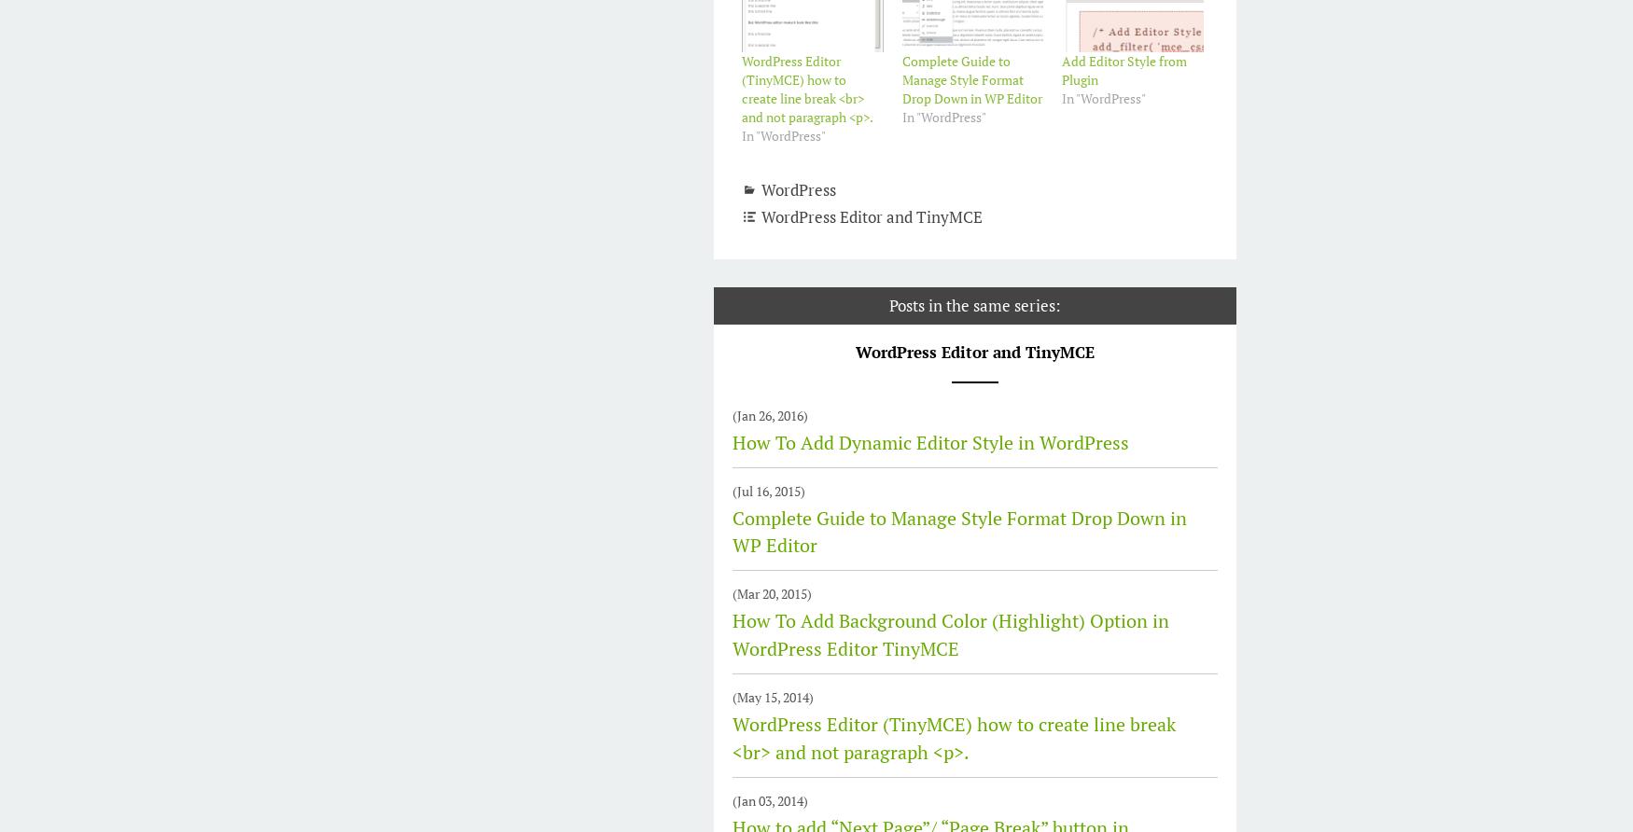 The height and width of the screenshot is (832, 1633). I want to click on '(Mar 20, 2015)', so click(732, 592).